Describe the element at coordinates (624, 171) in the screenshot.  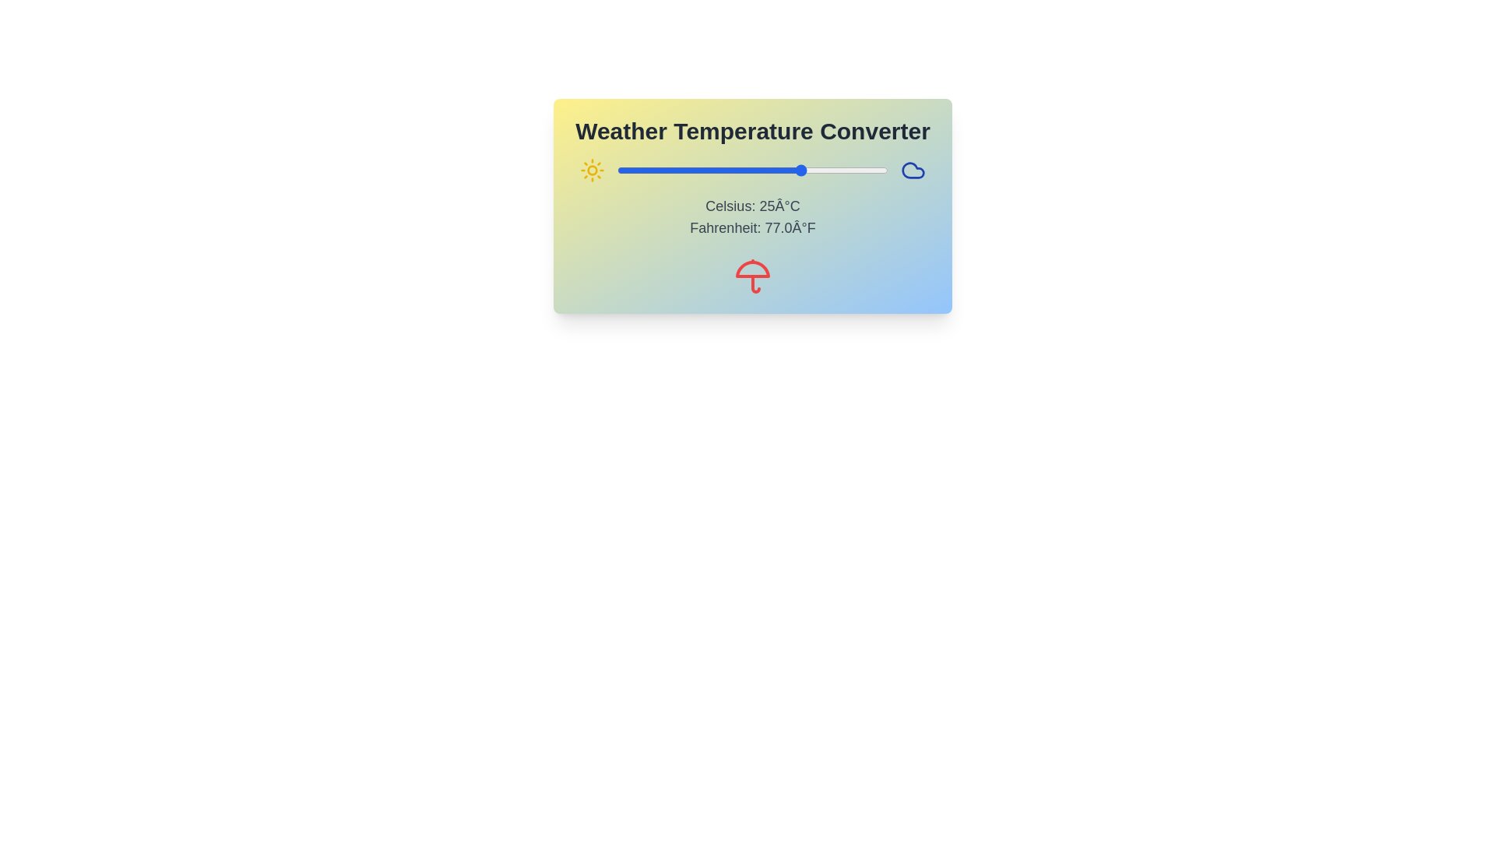
I see `the temperature to -28°C using the slider` at that location.